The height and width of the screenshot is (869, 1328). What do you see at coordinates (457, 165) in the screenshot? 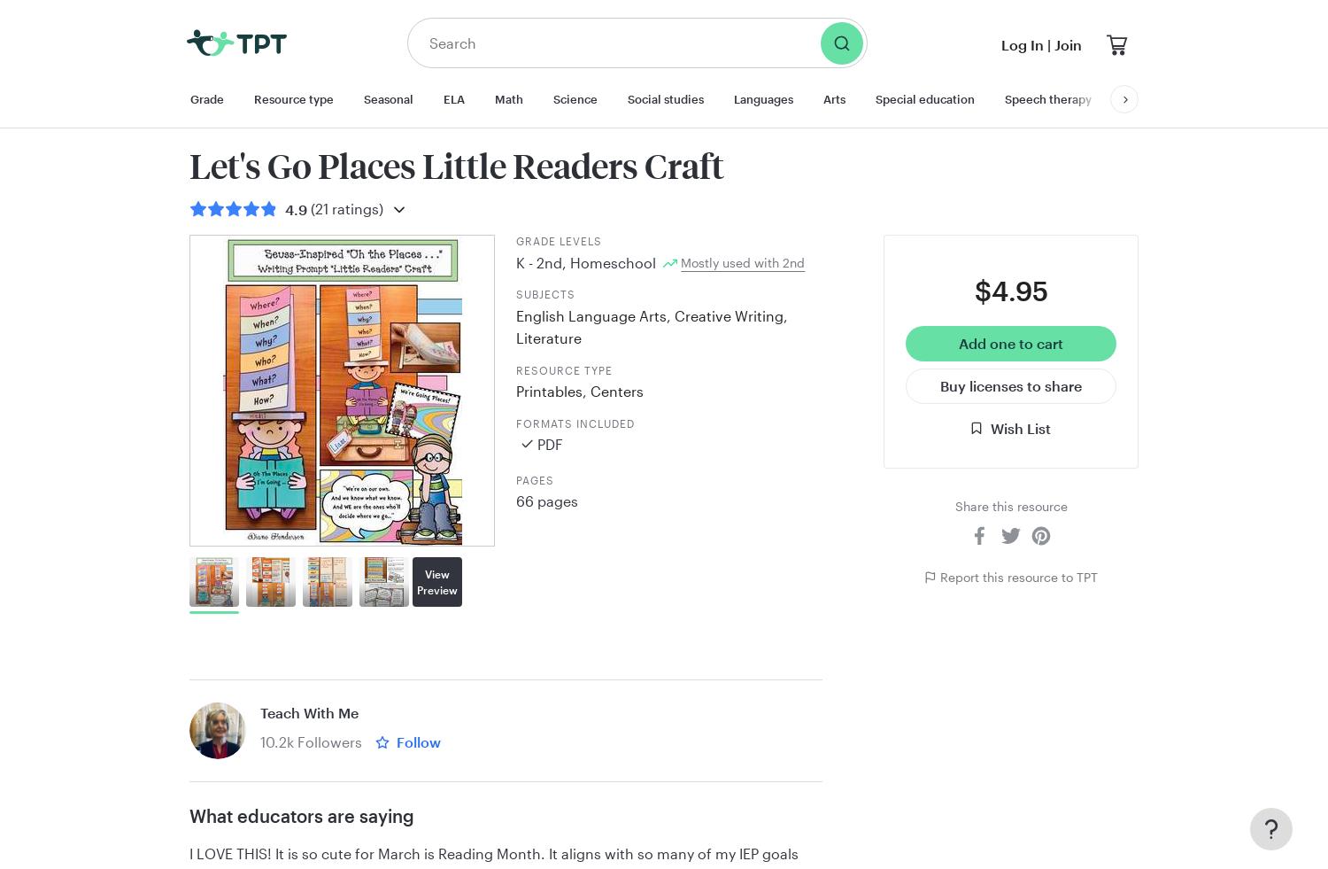
I see `'Let's Go Places Little Readers Craft'` at bounding box center [457, 165].